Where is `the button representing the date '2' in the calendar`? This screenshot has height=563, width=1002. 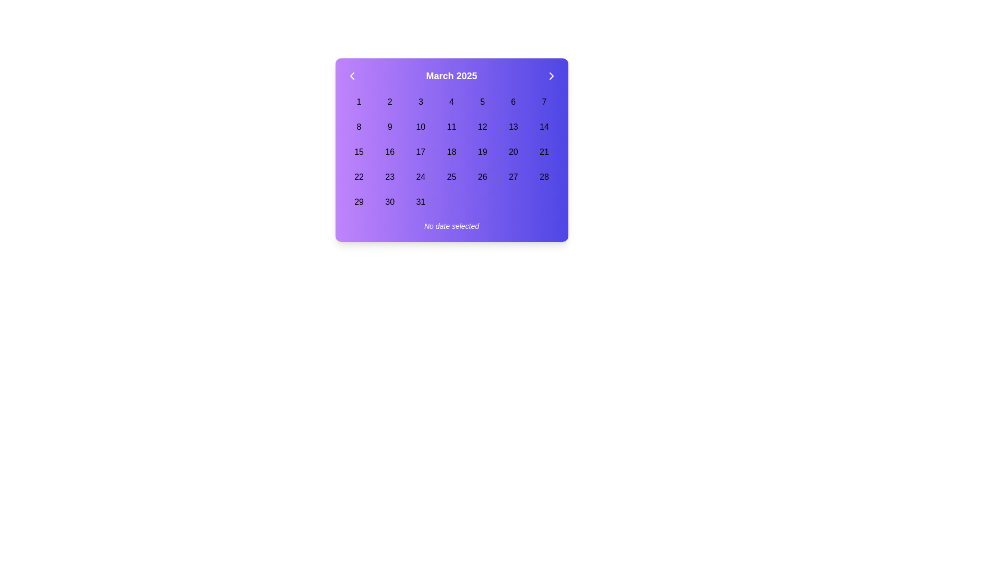 the button representing the date '2' in the calendar is located at coordinates (389, 102).